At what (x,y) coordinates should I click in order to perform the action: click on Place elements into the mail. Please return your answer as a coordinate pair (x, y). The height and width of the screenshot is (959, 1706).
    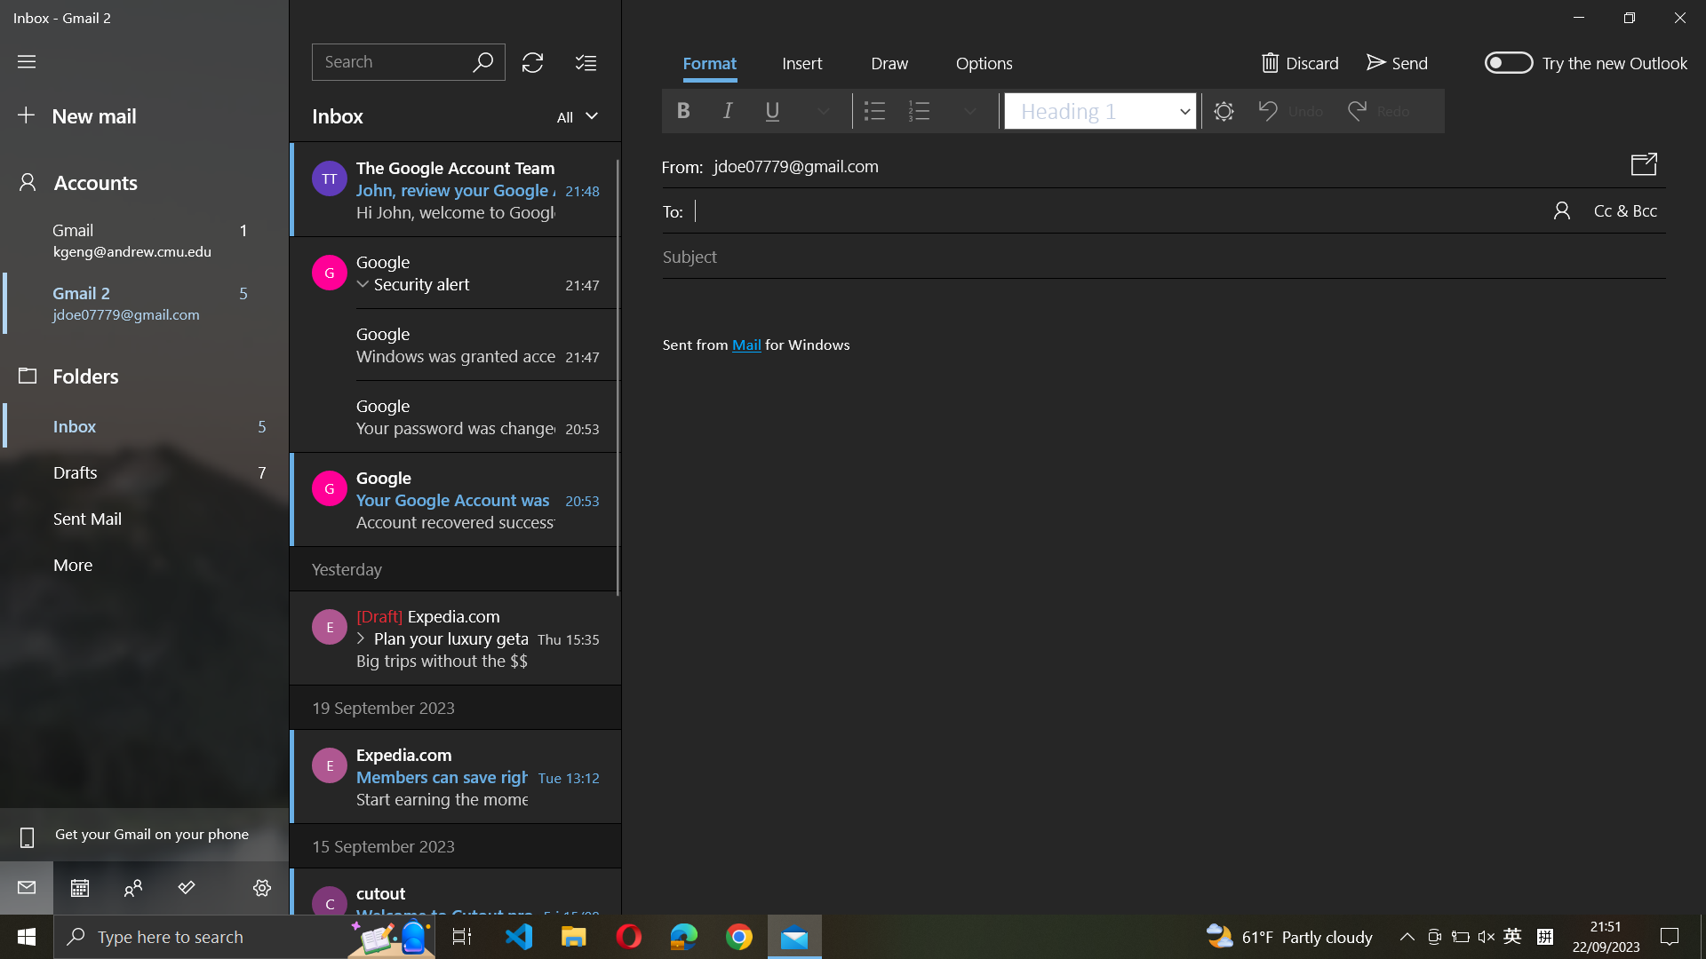
    Looking at the image, I should click on (801, 64).